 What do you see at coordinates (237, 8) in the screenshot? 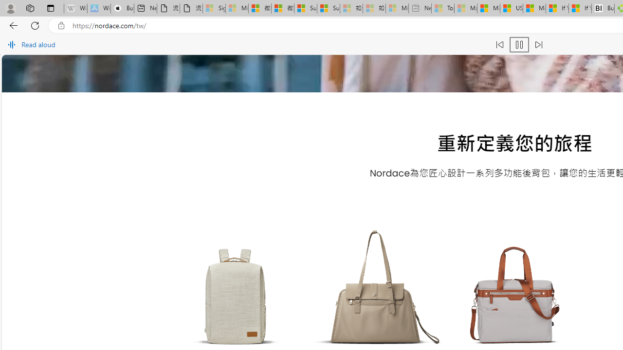
I see `'Microsoft Services Agreement - Sleeping'` at bounding box center [237, 8].